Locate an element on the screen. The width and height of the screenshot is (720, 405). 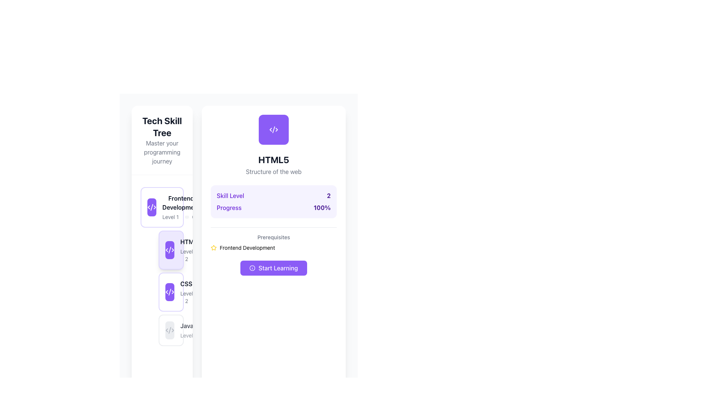
the text label indicating the current level of the skill, which is located at the top-left corner of the skill levels and progress information group is located at coordinates (186, 255).